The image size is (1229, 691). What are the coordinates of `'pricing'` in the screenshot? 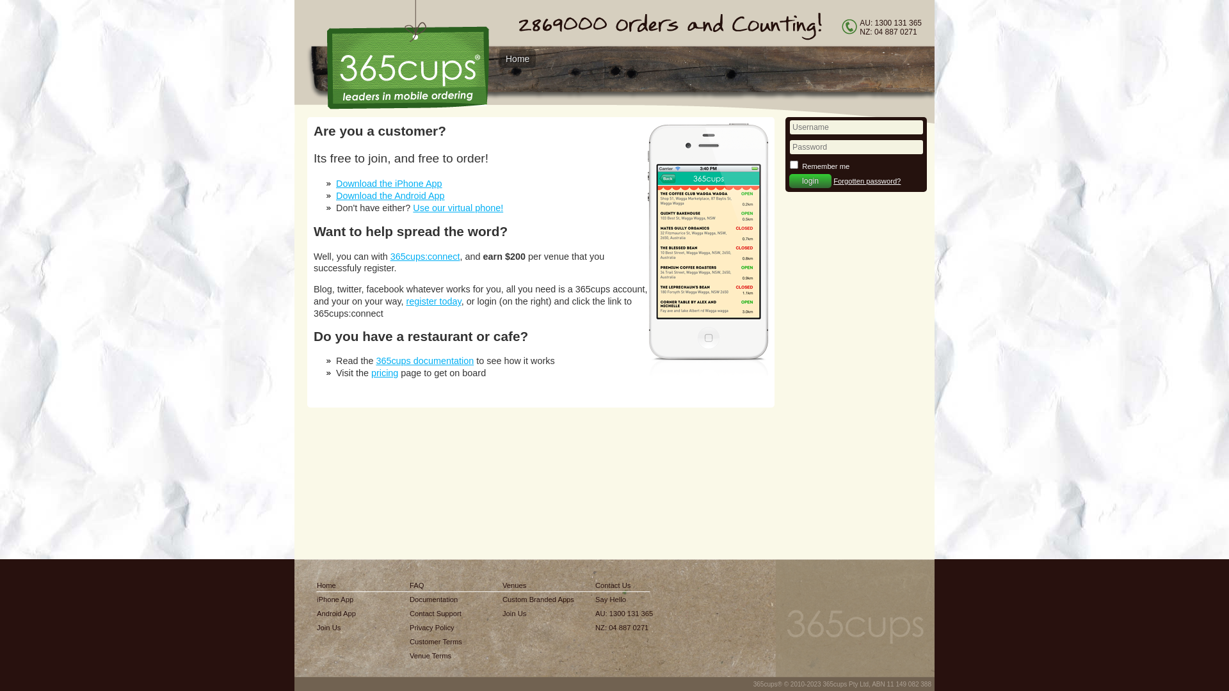 It's located at (383, 372).